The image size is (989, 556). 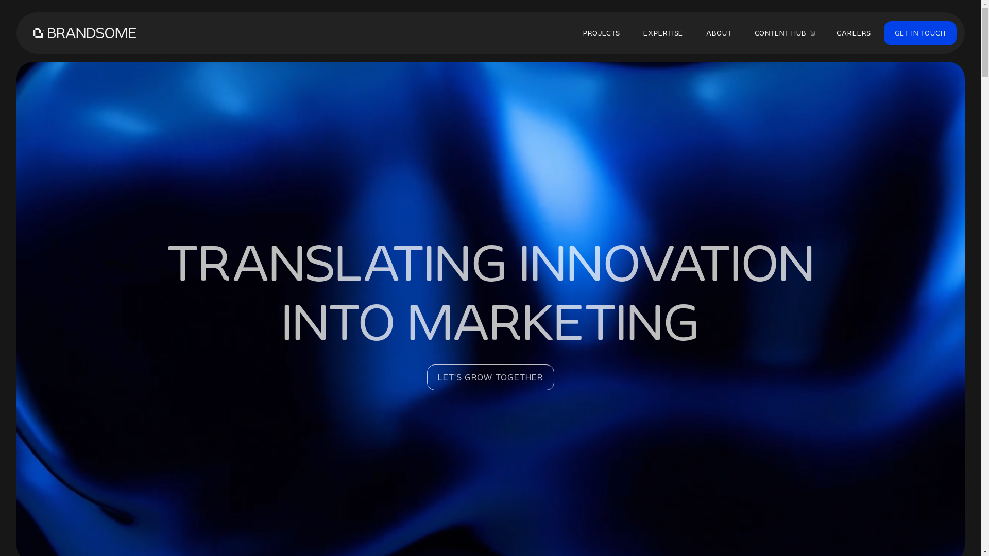 I want to click on 'PROJECTS', so click(x=572, y=32).